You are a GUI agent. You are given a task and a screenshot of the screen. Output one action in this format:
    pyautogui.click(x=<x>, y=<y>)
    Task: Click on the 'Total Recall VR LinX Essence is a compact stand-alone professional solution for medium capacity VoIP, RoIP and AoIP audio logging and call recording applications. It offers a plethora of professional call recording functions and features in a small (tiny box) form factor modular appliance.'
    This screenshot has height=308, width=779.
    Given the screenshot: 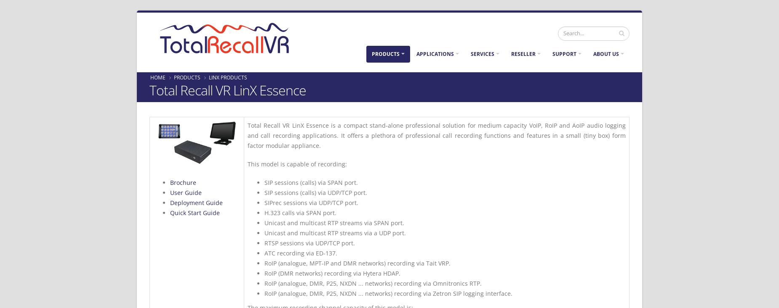 What is the action you would take?
    pyautogui.click(x=247, y=135)
    